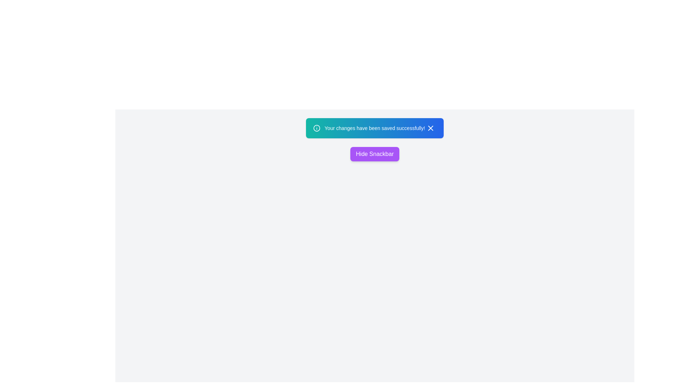 This screenshot has width=692, height=389. What do you see at coordinates (431, 128) in the screenshot?
I see `the 'X' button to close the snackbar` at bounding box center [431, 128].